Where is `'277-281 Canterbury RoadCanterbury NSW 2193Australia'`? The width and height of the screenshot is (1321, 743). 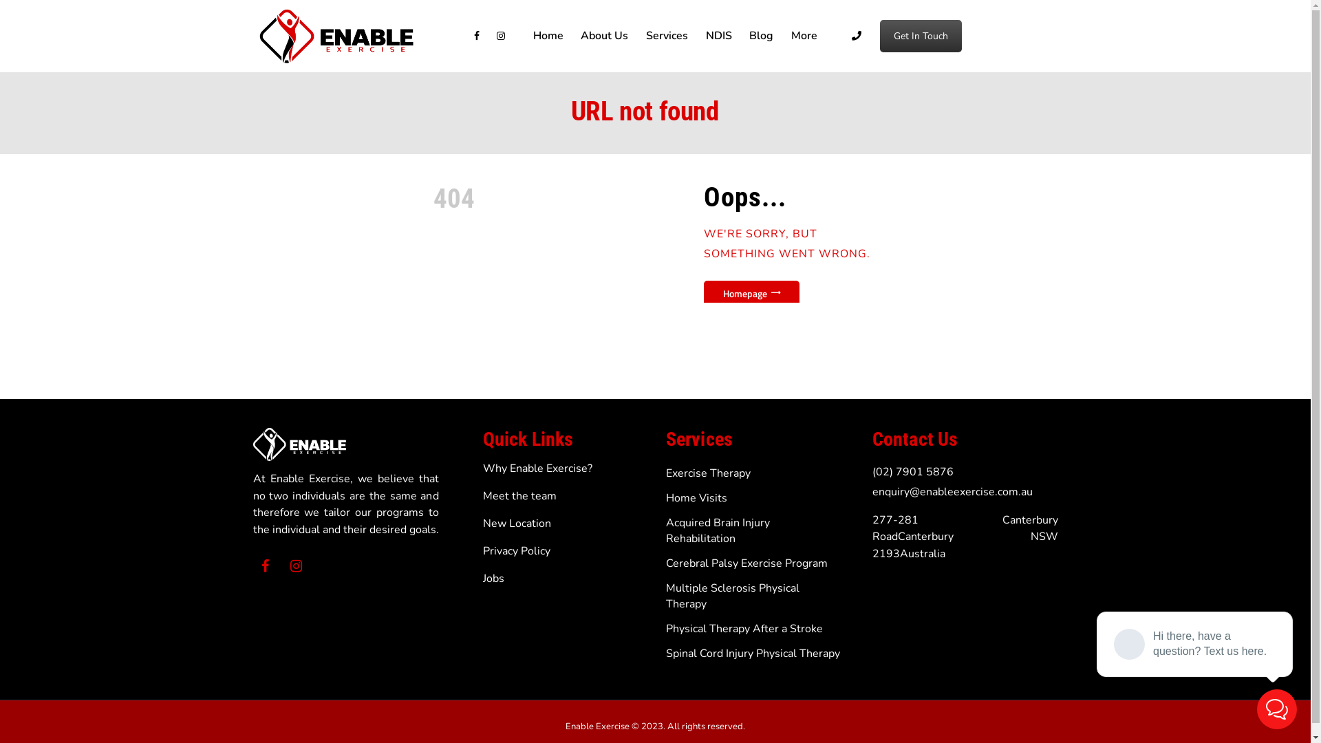
'277-281 Canterbury RoadCanterbury NSW 2193Australia' is located at coordinates (964, 536).